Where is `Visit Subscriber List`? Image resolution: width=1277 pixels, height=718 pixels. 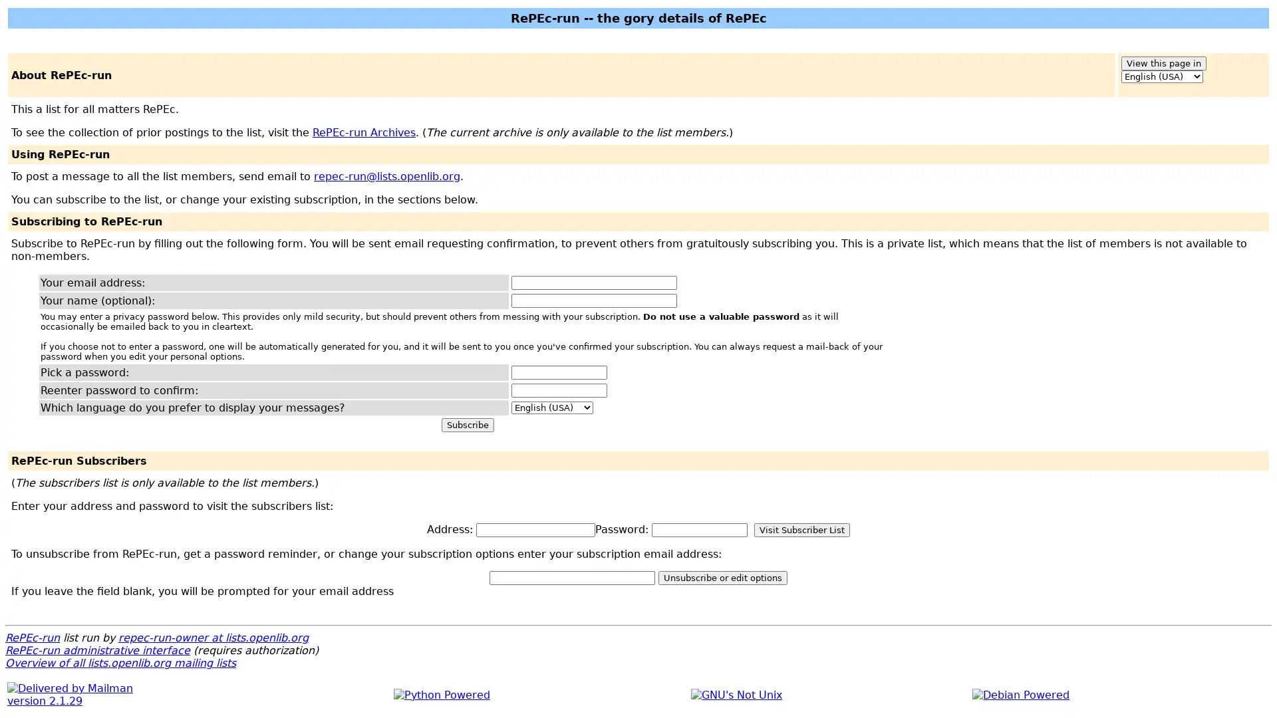 Visit Subscriber List is located at coordinates (801, 529).